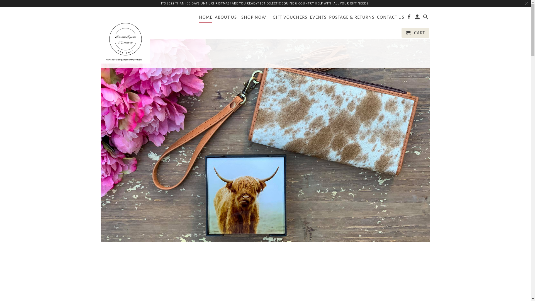 Image resolution: width=535 pixels, height=301 pixels. Describe the element at coordinates (351, 18) in the screenshot. I see `'POSTAGE & RETURNS'` at that location.